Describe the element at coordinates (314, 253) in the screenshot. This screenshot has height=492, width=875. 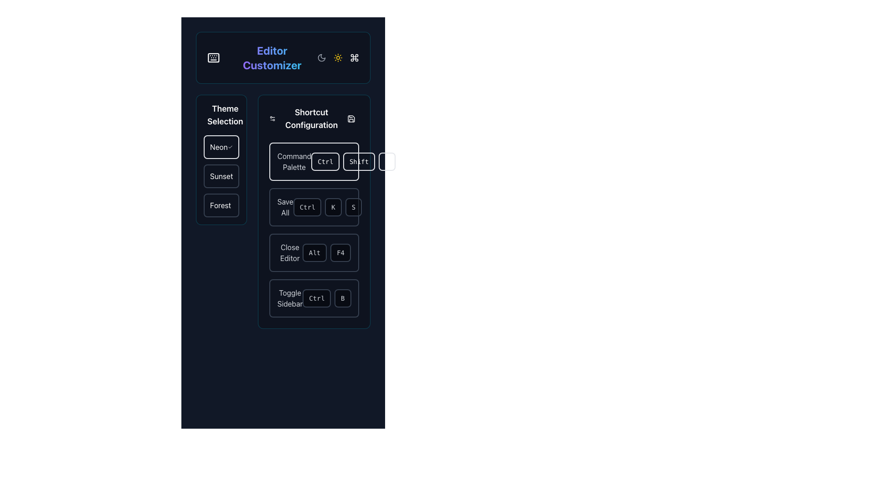
I see `the 'Close Editor' shortcut display, which shows the description and key combination for closing the editor. It is the third item in the Shortcut Configuration section, located in the center-right region of the interface` at that location.